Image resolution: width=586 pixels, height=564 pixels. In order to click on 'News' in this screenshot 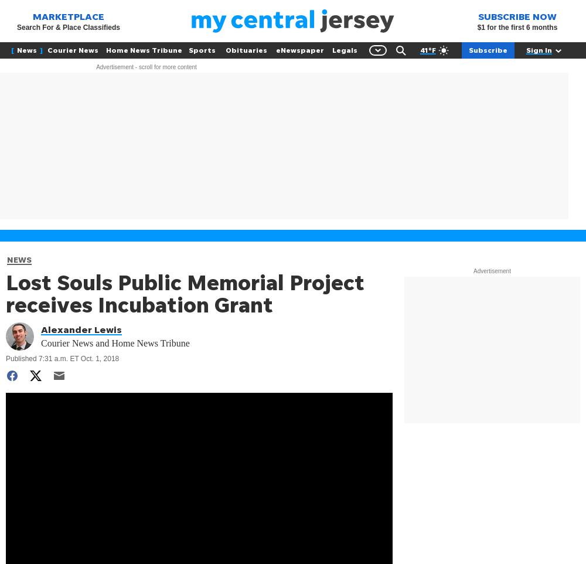, I will do `click(17, 50)`.